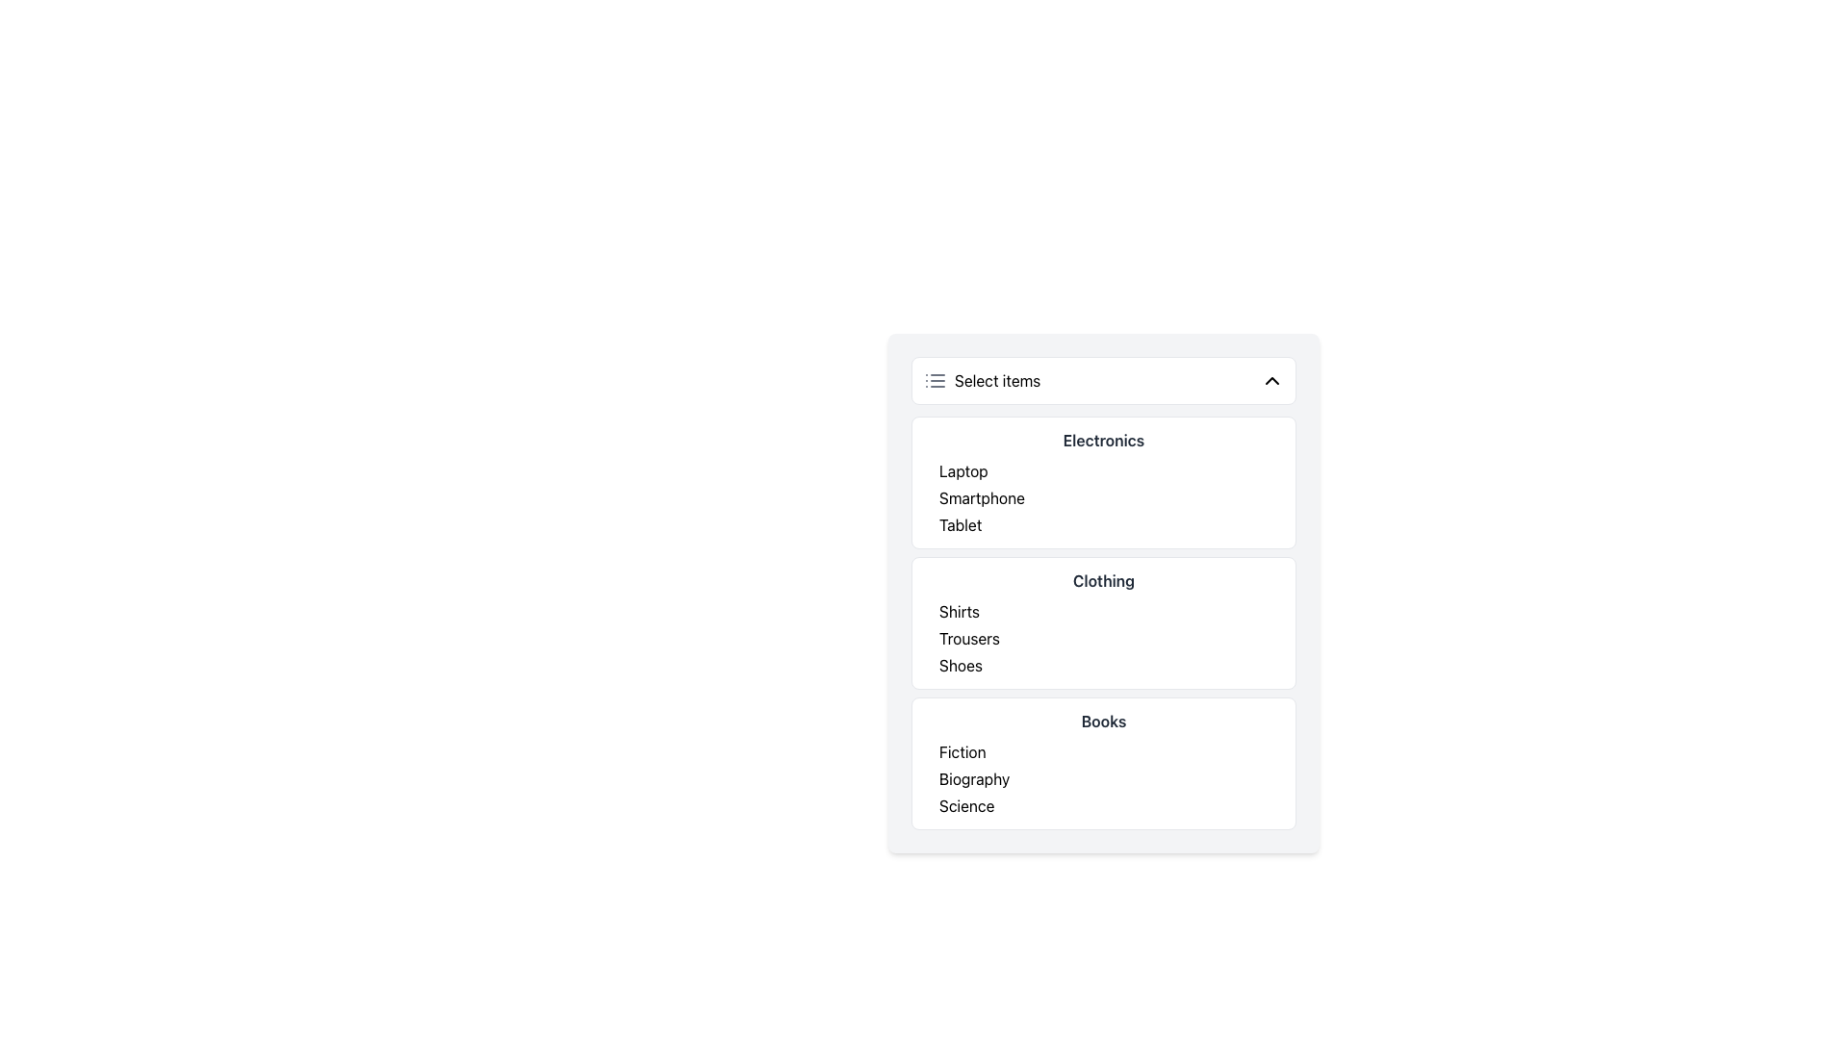  Describe the element at coordinates (1104, 623) in the screenshot. I see `options inside the 'Clothing' category card, which displays subcategories such as 'Shirts', 'Trousers', and 'Shoes' in a dropdown menu` at that location.